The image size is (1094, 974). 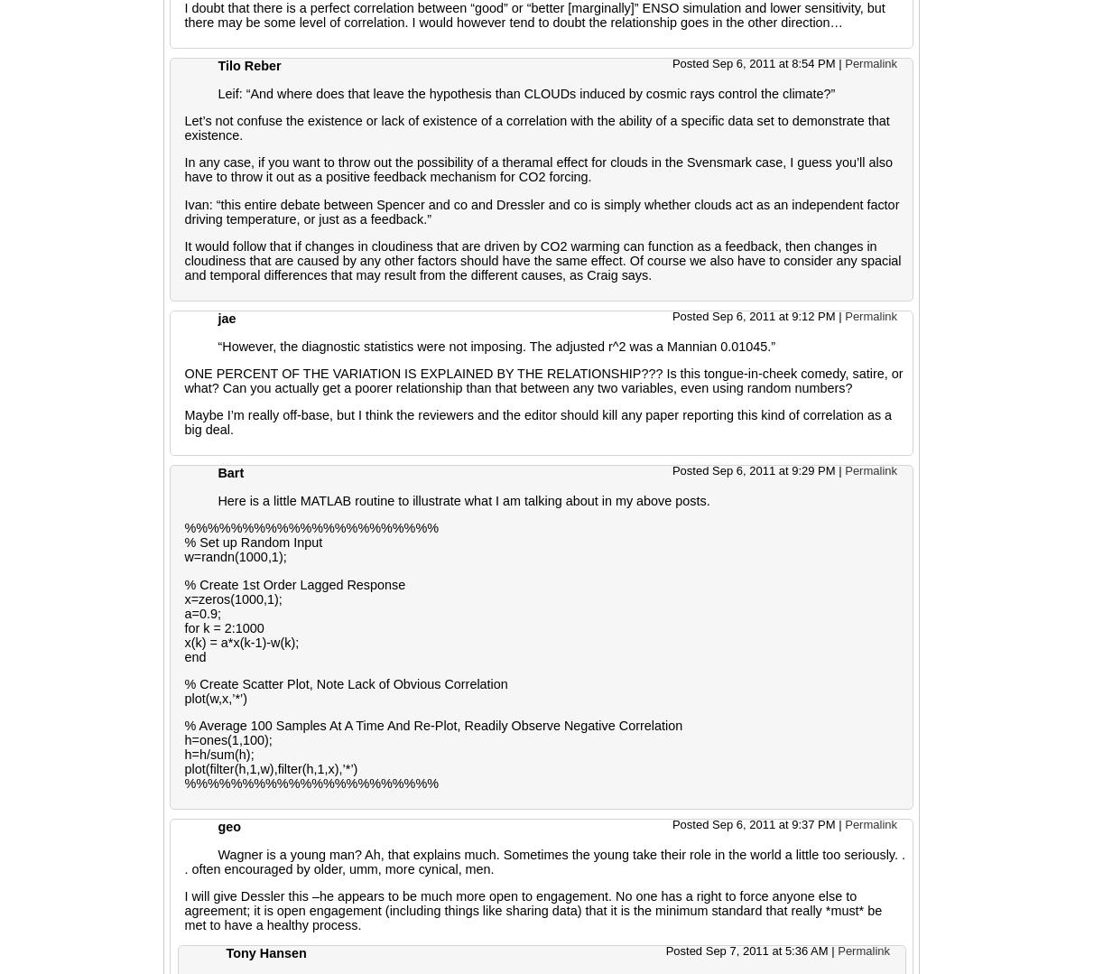 What do you see at coordinates (235, 556) in the screenshot?
I see `'w=randn(1000,1);'` at bounding box center [235, 556].